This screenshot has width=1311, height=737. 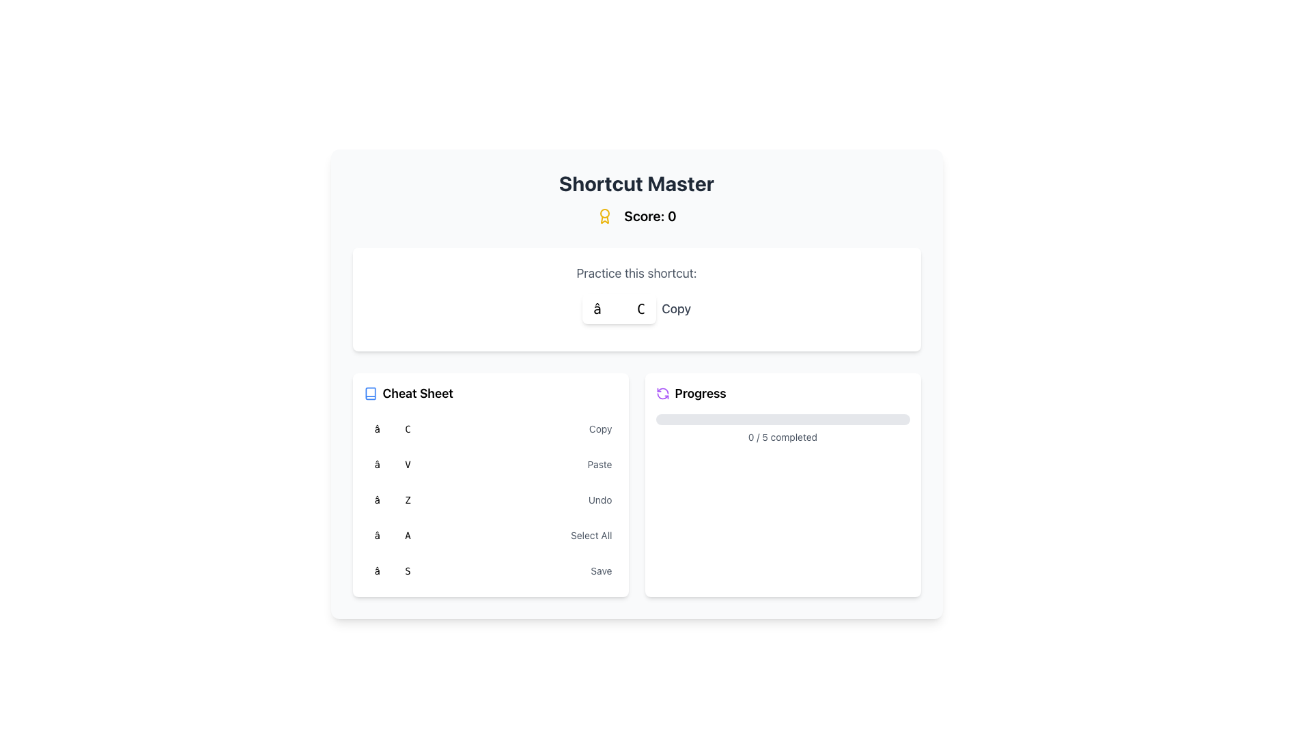 What do you see at coordinates (392, 500) in the screenshot?
I see `the stylized text label displaying '⌘ Z' with a light red background and red text, which is the third entry in the 'Cheat Sheet' section for keyboard shortcuts` at bounding box center [392, 500].